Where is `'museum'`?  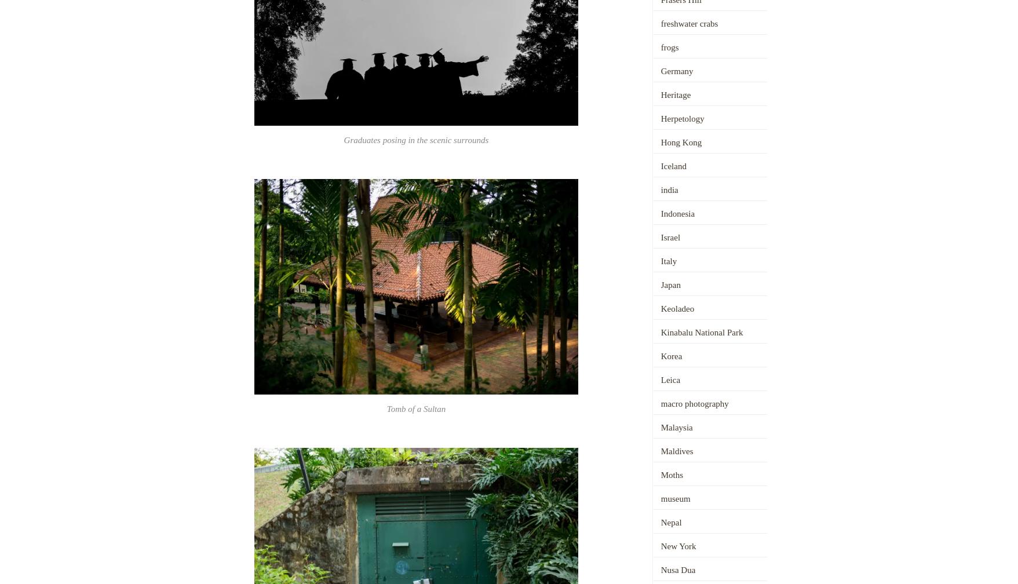
'museum' is located at coordinates (674, 498).